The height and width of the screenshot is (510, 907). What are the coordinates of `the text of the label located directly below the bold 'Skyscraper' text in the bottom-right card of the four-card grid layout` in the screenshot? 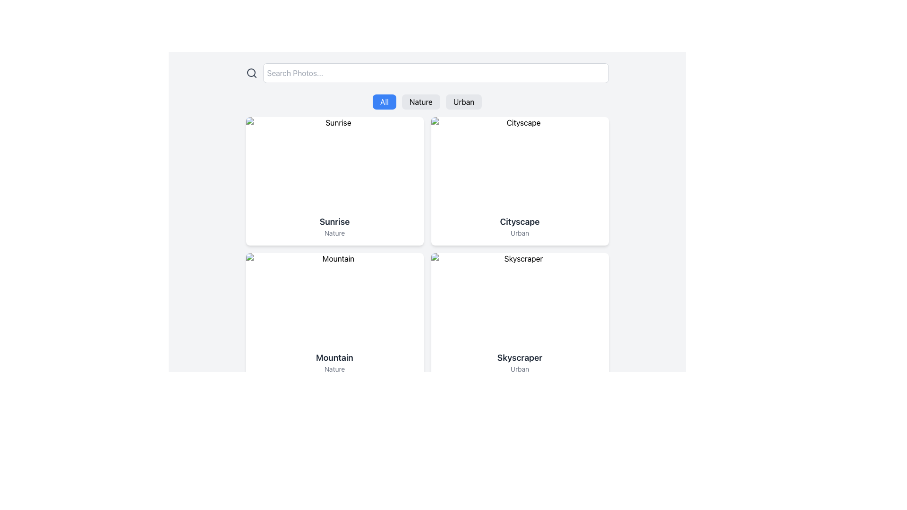 It's located at (519, 369).